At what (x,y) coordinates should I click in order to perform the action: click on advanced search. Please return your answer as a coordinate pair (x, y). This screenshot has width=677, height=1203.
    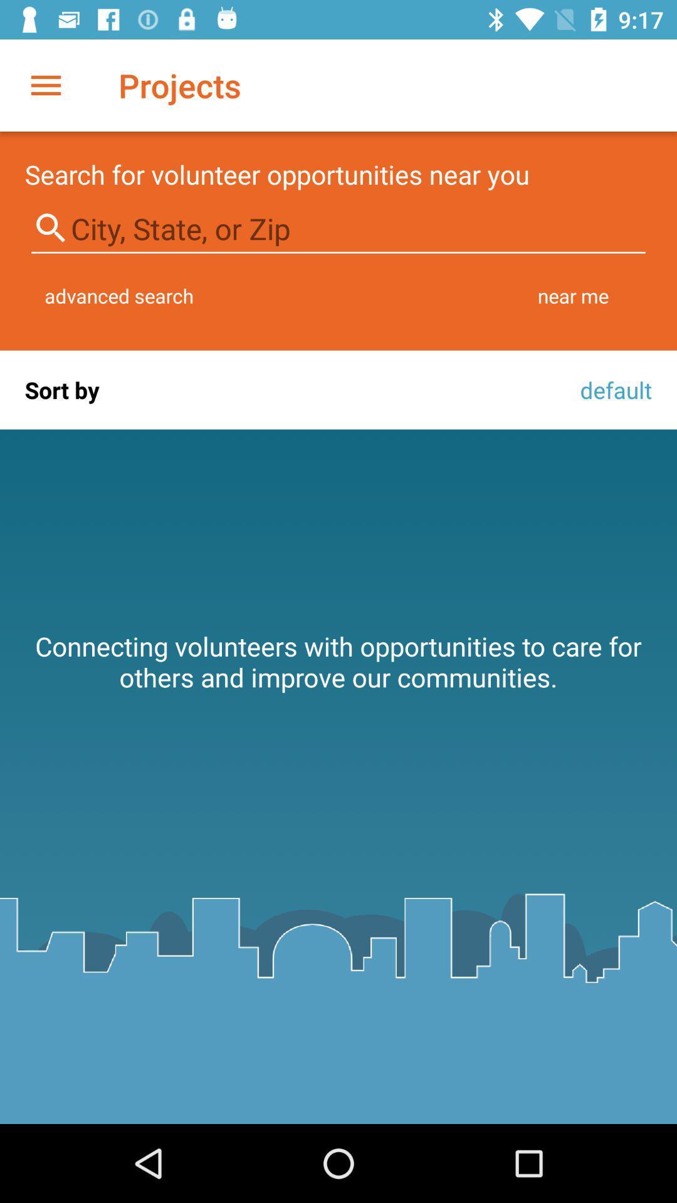
    Looking at the image, I should click on (119, 295).